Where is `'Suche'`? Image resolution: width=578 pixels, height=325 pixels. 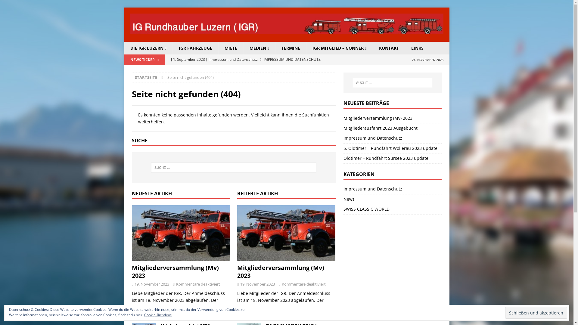
'Suche' is located at coordinates (0, 5).